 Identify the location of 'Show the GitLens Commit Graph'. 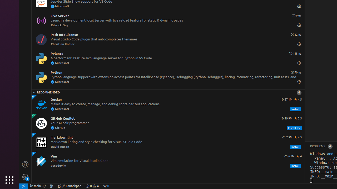
(52, 186).